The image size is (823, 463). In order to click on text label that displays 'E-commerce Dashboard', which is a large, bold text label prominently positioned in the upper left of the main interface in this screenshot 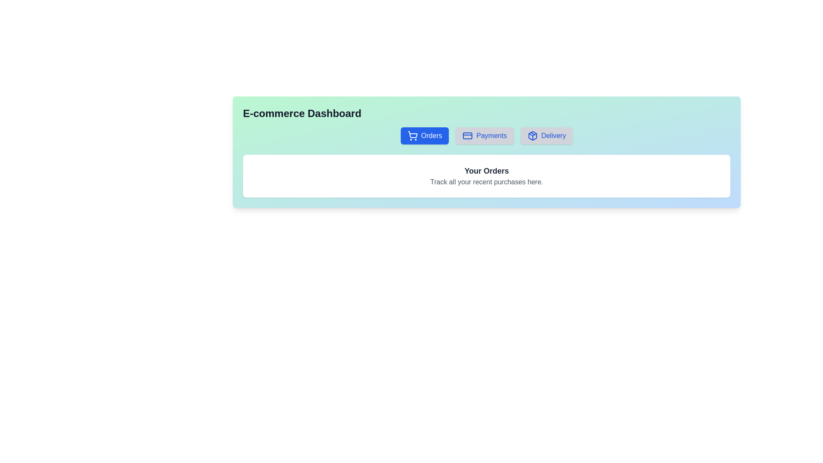, I will do `click(302, 113)`.